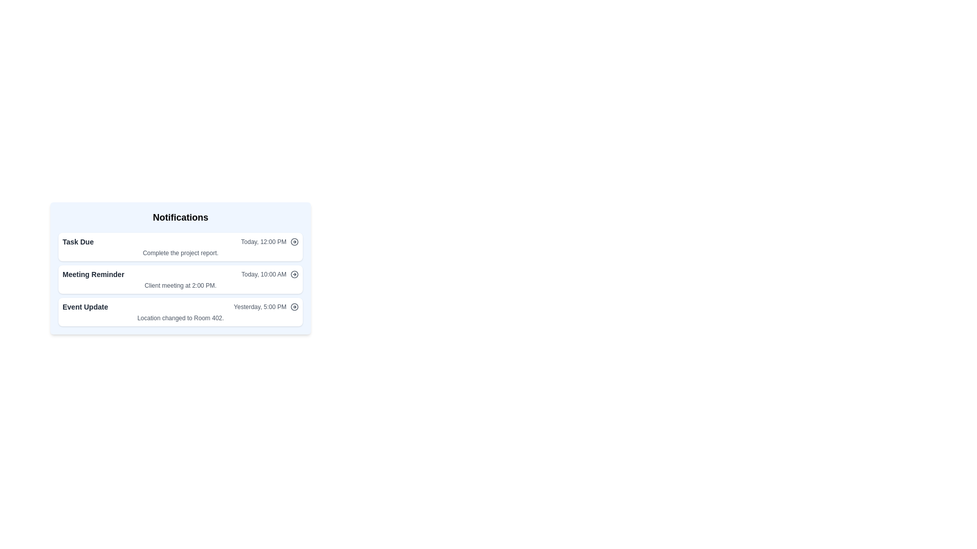 This screenshot has height=549, width=977. Describe the element at coordinates (77, 241) in the screenshot. I see `the text label in the top-left corner of the notification card` at that location.